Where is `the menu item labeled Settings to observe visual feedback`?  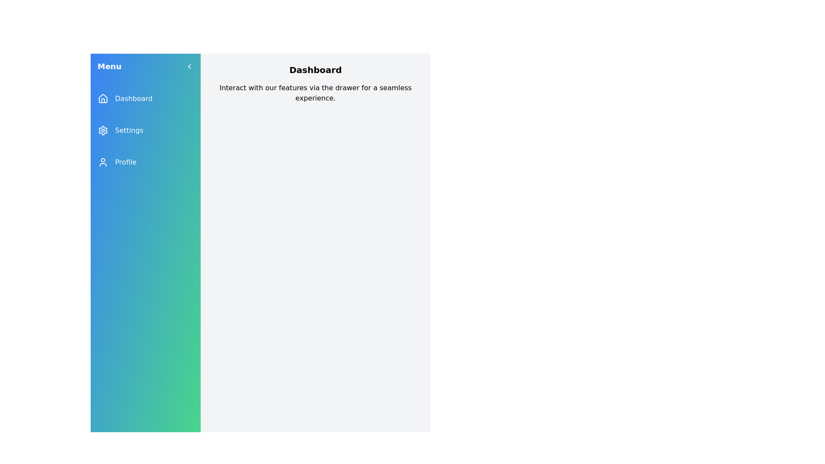 the menu item labeled Settings to observe visual feedback is located at coordinates (146, 131).